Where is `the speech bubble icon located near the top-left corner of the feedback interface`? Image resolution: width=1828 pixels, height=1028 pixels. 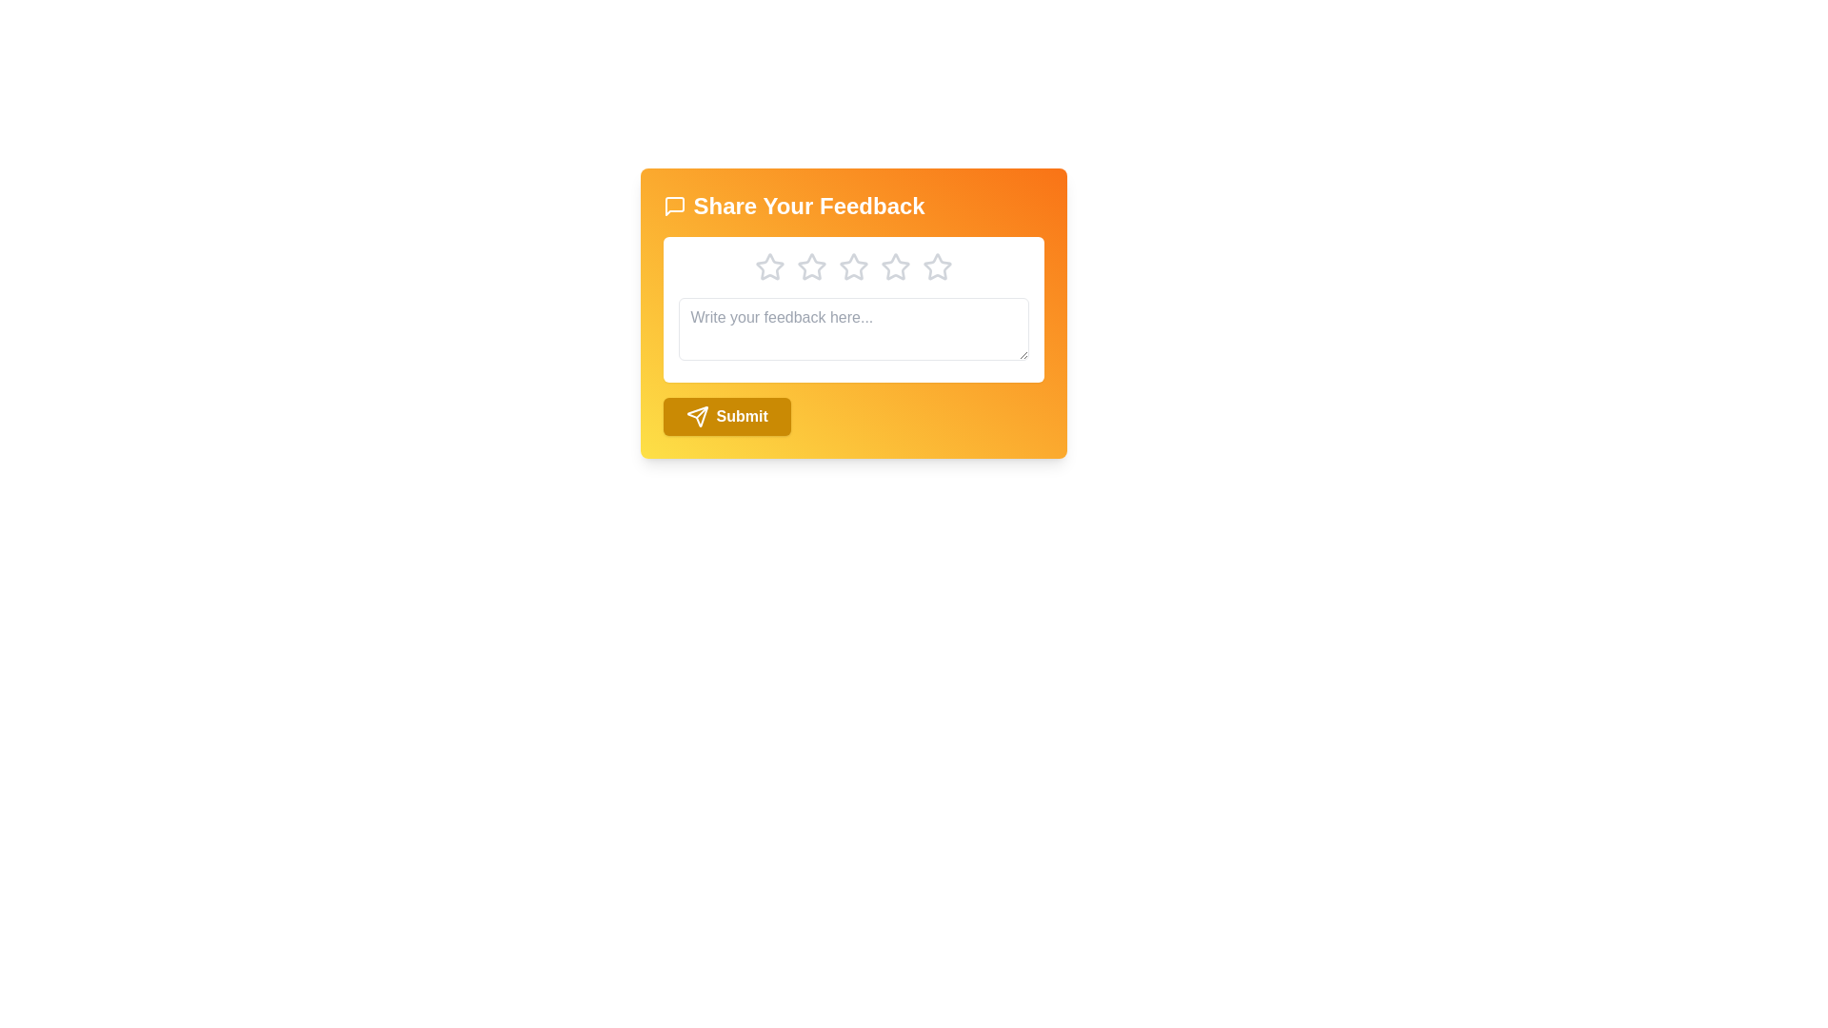
the speech bubble icon located near the top-left corner of the feedback interface is located at coordinates (674, 206).